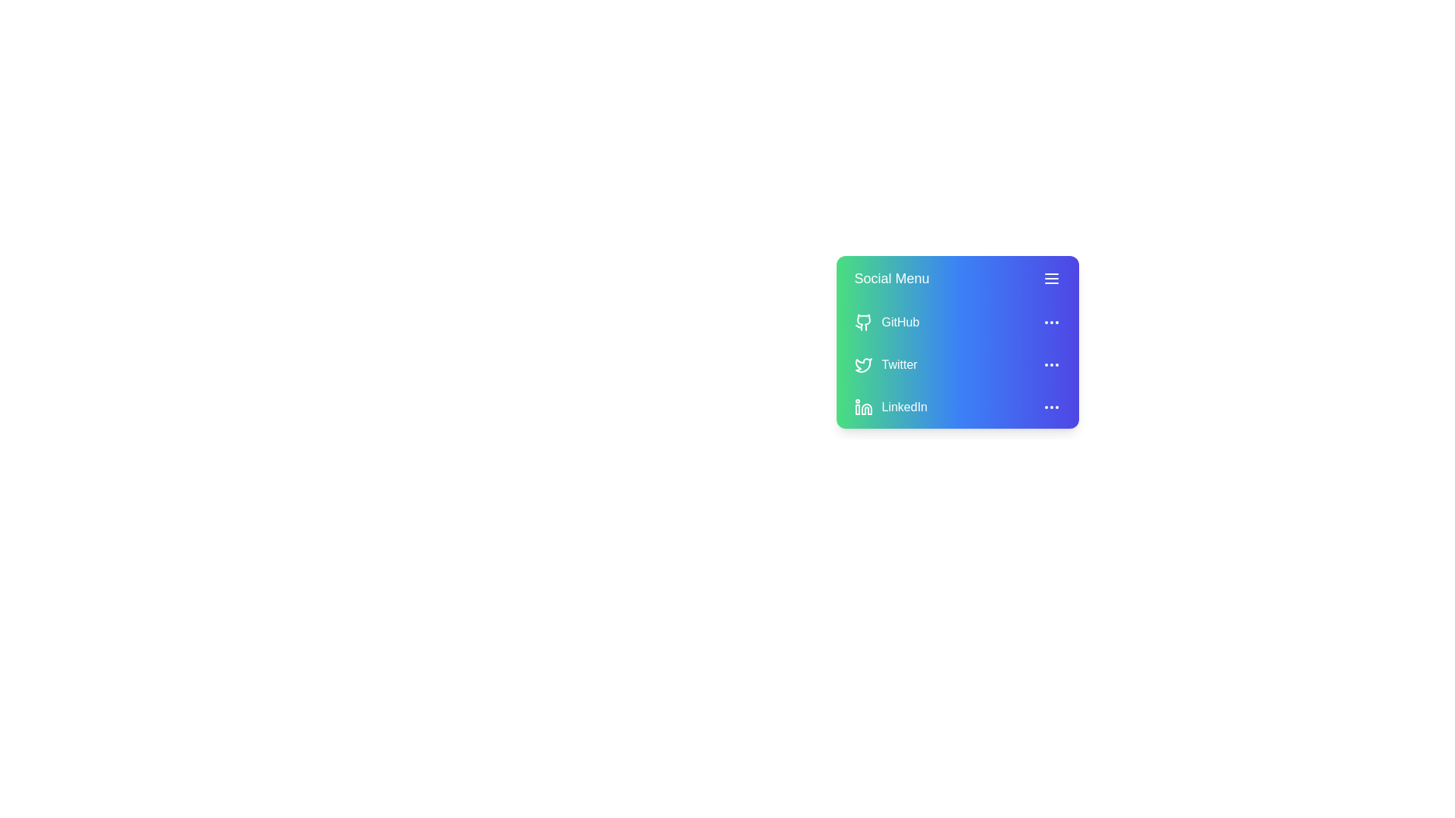 The image size is (1455, 818). What do you see at coordinates (1050, 365) in the screenshot?
I see `the '...' icon for the Twitter row` at bounding box center [1050, 365].